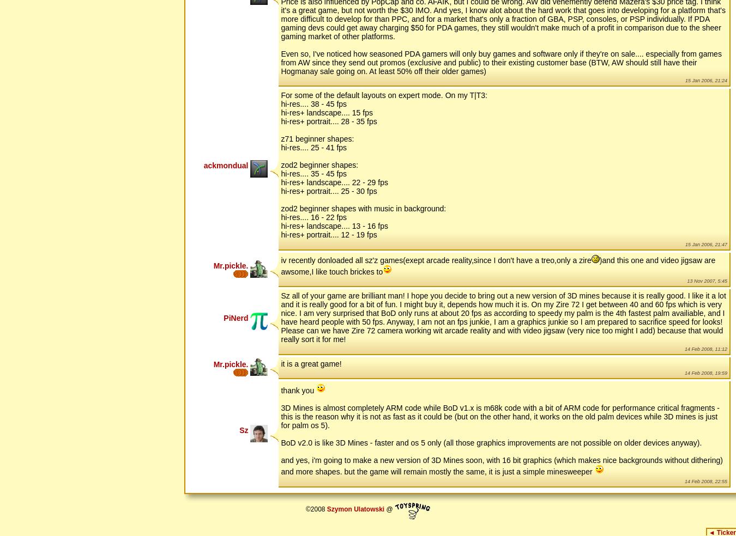 The image size is (736, 536). Describe the element at coordinates (329, 190) in the screenshot. I see `'hi-res+ portrait.... 25 - 30 fps'` at that location.